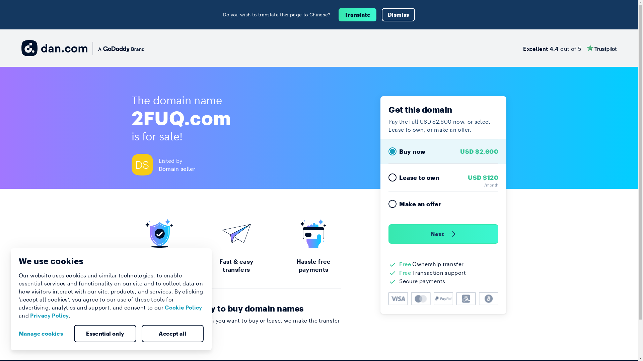  What do you see at coordinates (569, 47) in the screenshot?
I see `'Excellent 4.4 out of 5'` at bounding box center [569, 47].